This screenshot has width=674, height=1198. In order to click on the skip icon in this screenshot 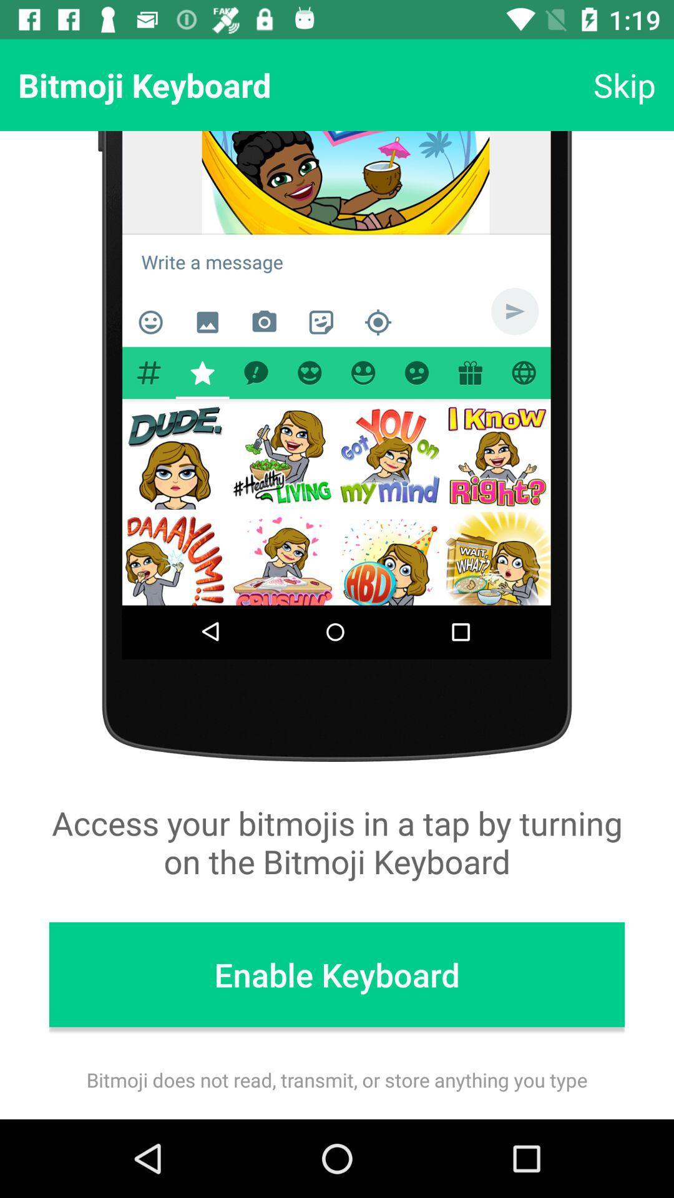, I will do `click(624, 84)`.